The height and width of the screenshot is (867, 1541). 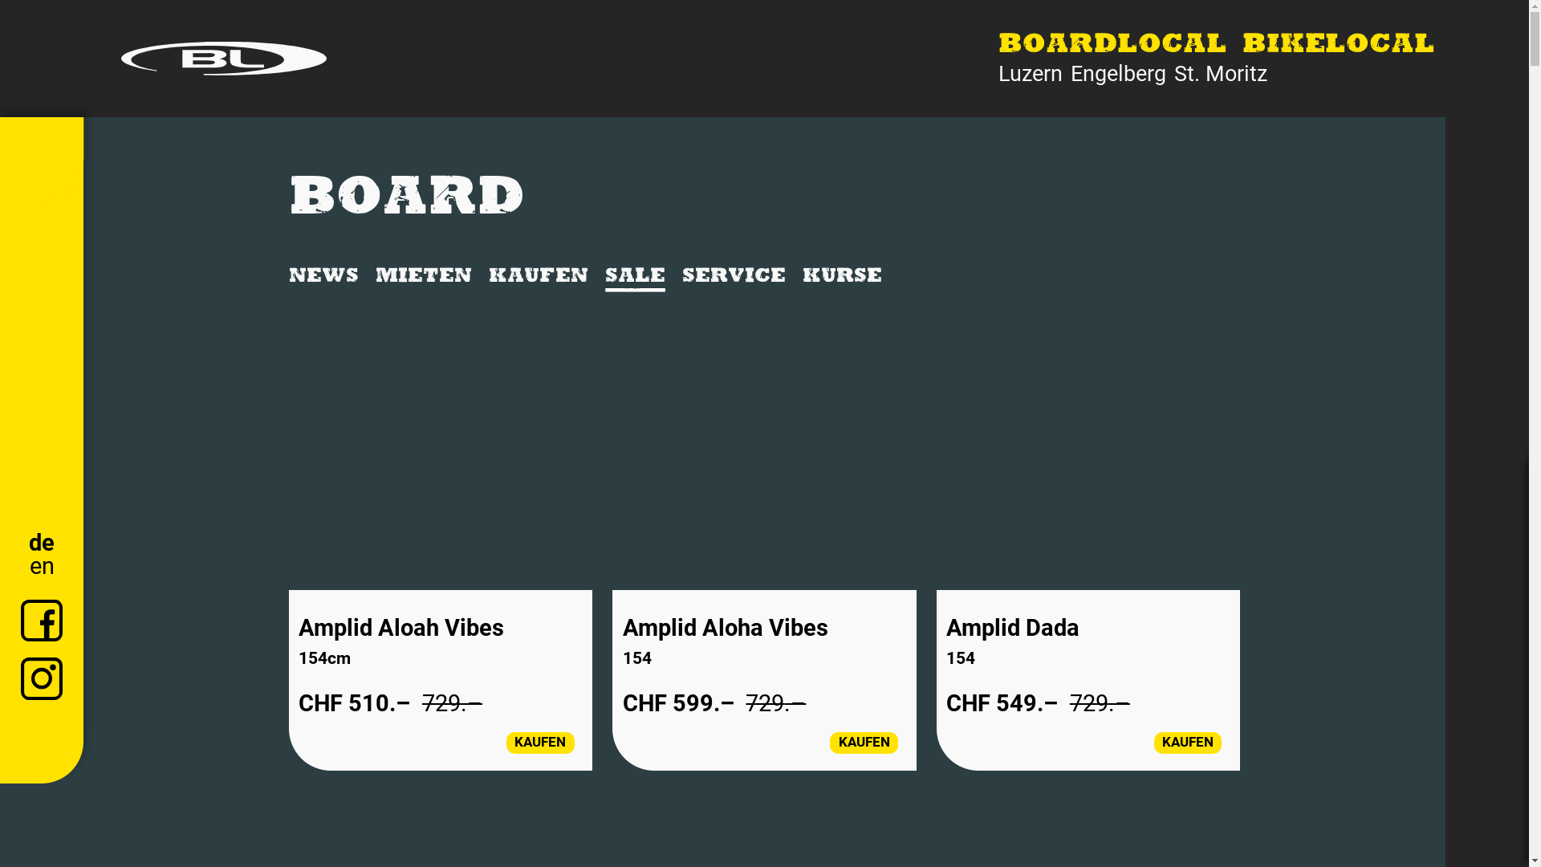 What do you see at coordinates (733, 276) in the screenshot?
I see `'Service'` at bounding box center [733, 276].